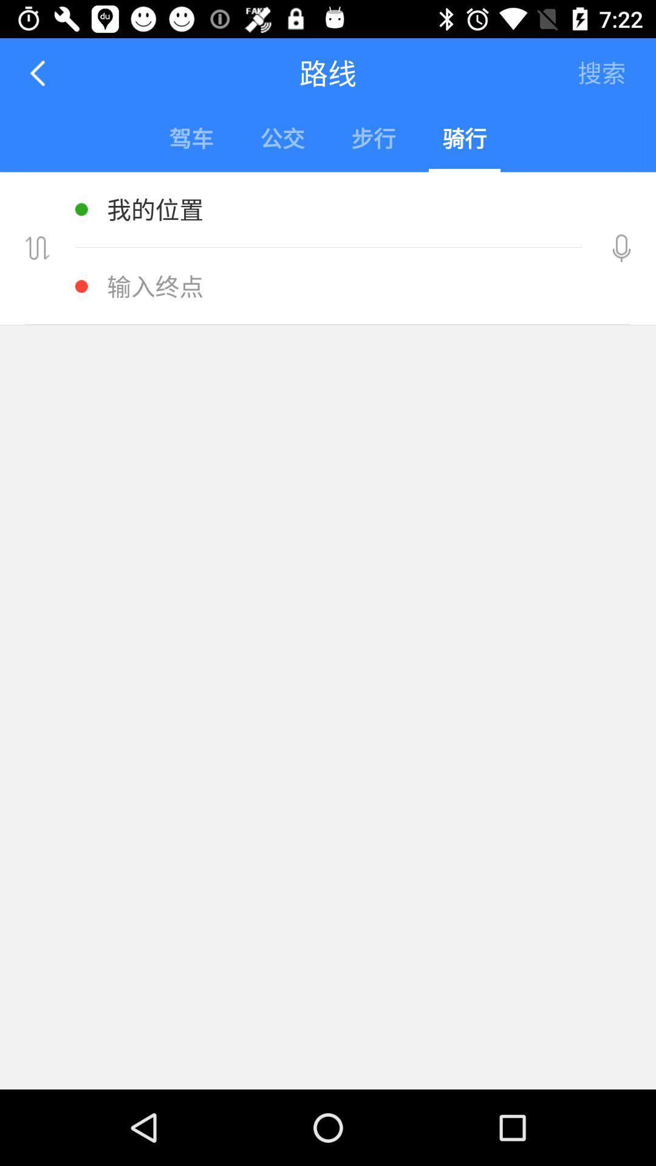 The height and width of the screenshot is (1166, 656). I want to click on the arrow_backward icon, so click(38, 72).